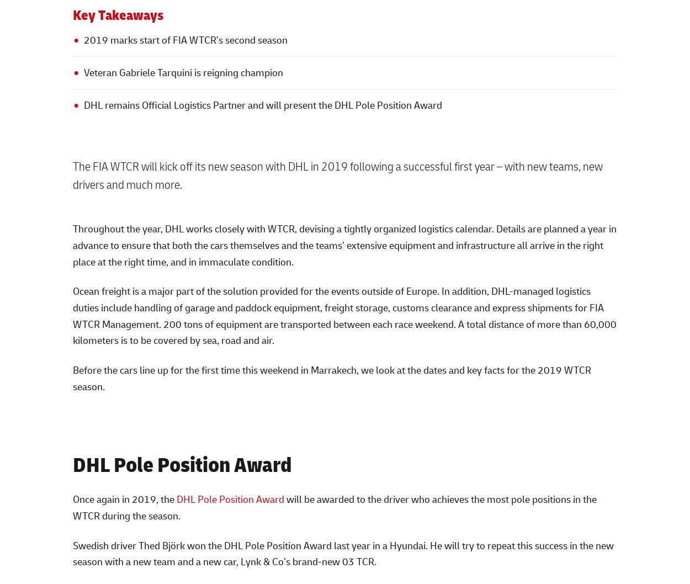  Describe the element at coordinates (184, 40) in the screenshot. I see `'2019 marks start of FIA WTCR’s second season'` at that location.